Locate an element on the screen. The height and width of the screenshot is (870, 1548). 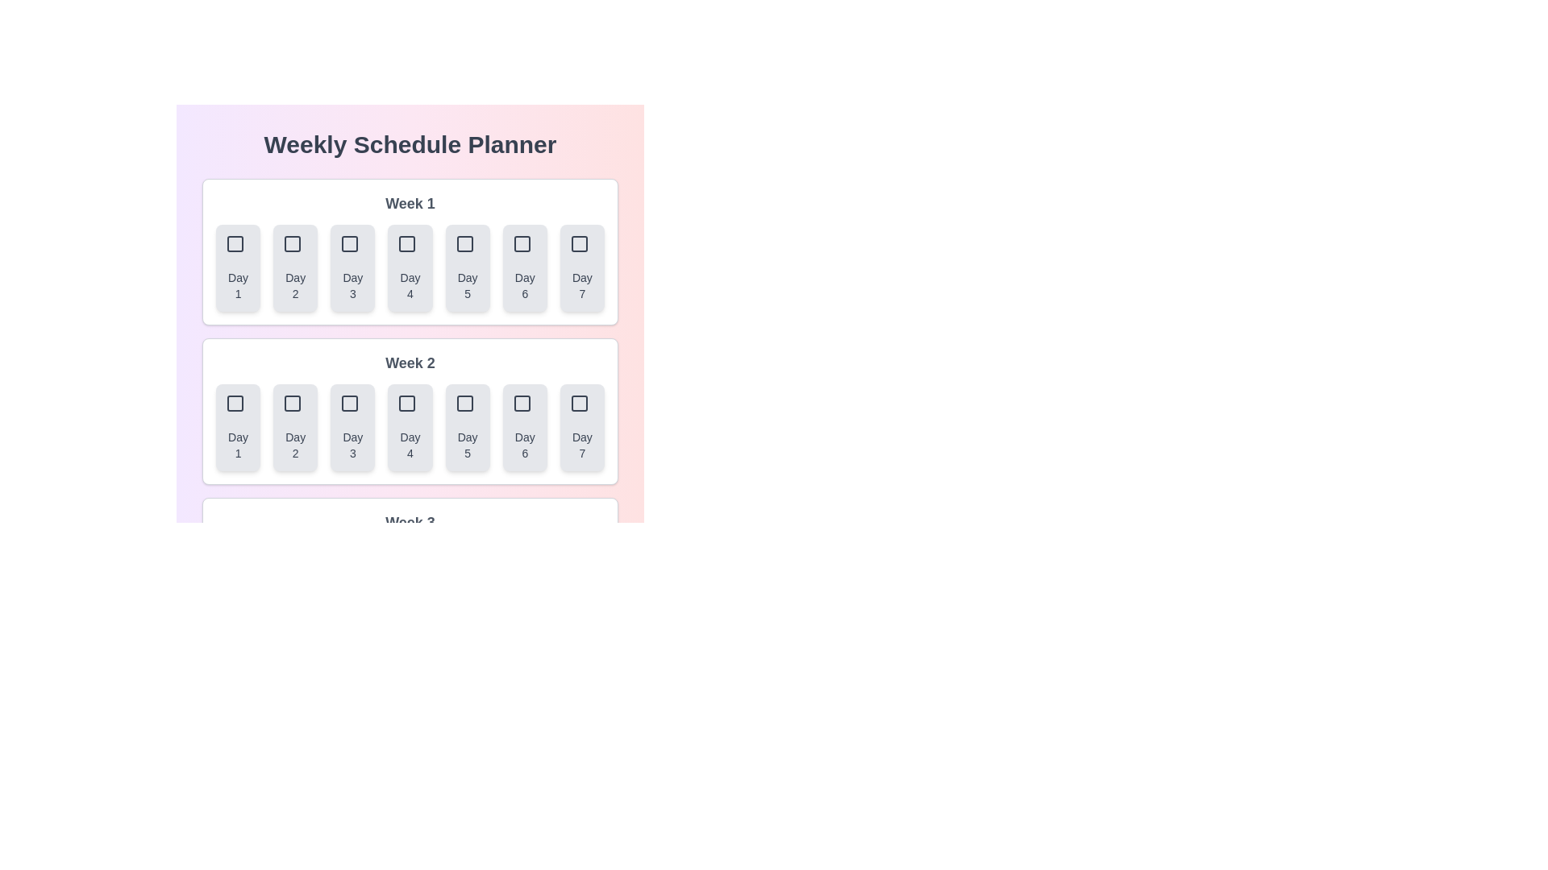
the button corresponding to Week 2 and Day 1 to select that day is located at coordinates (236, 427).